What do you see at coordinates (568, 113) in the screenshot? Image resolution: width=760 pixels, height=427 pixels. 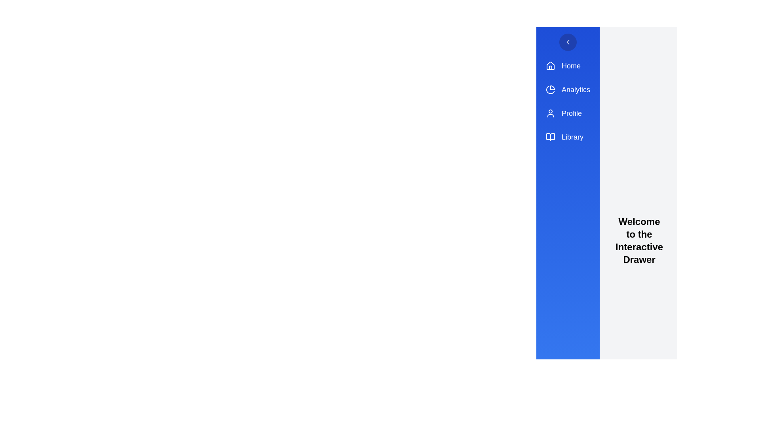 I see `the menu item labeled Profile to navigate` at bounding box center [568, 113].